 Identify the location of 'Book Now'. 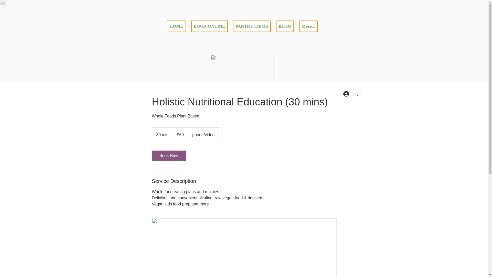
(168, 155).